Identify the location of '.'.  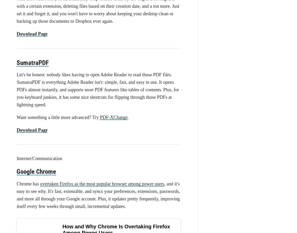
(91, 78).